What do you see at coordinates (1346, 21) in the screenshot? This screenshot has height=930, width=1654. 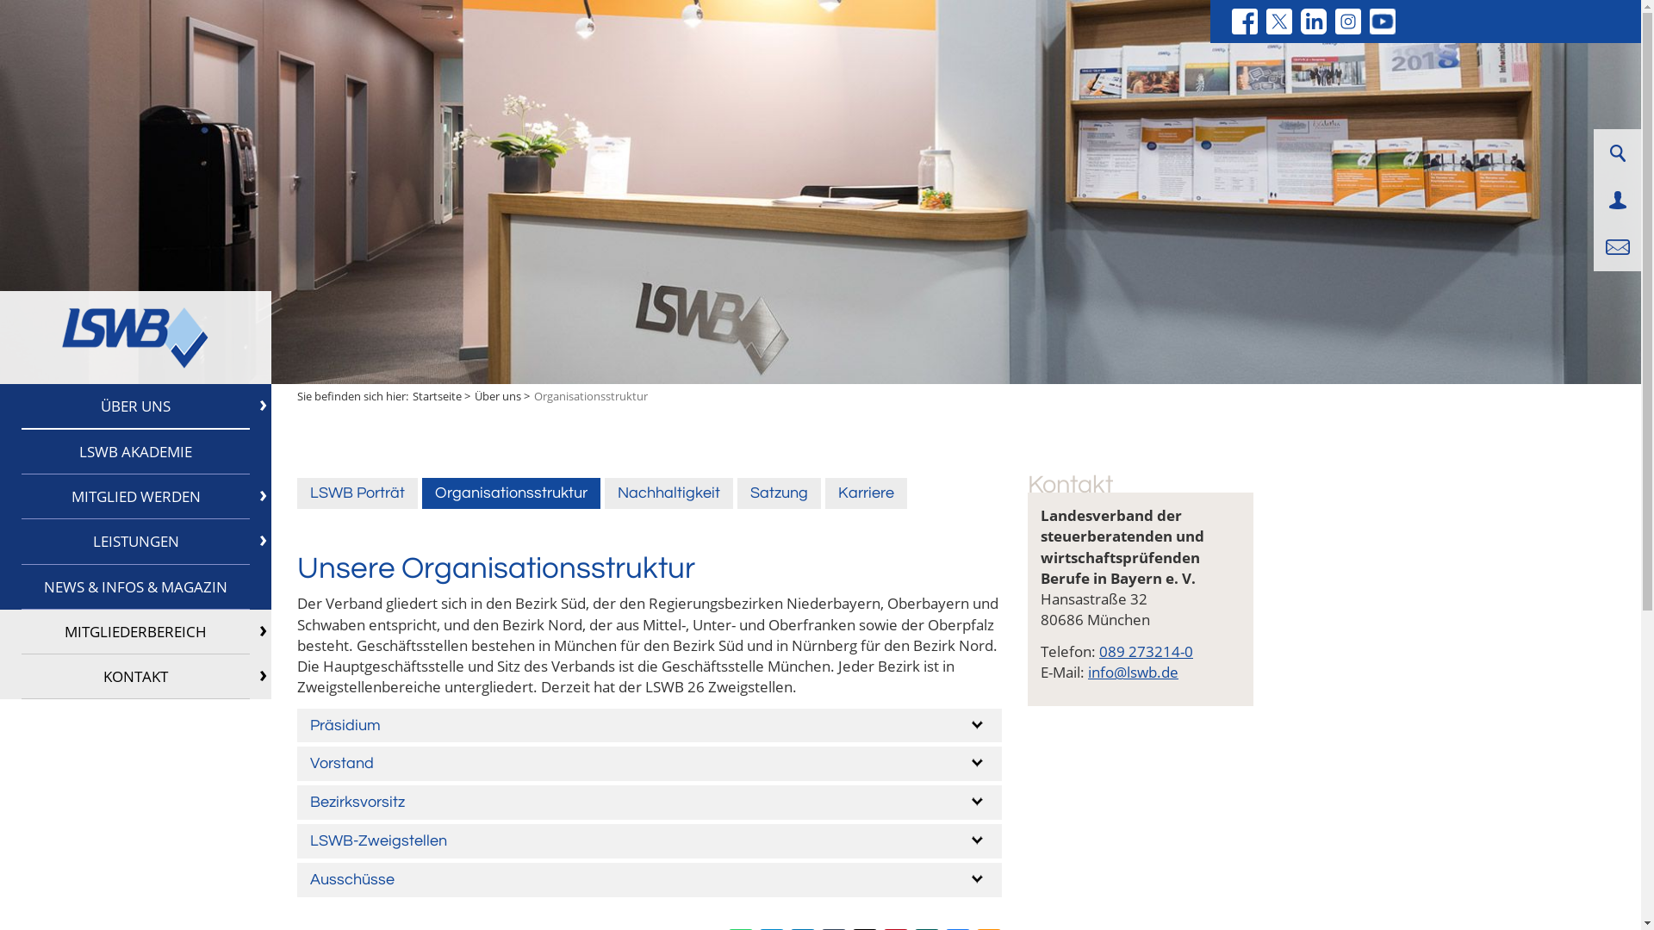 I see `'LSWB bei Instagram'` at bounding box center [1346, 21].